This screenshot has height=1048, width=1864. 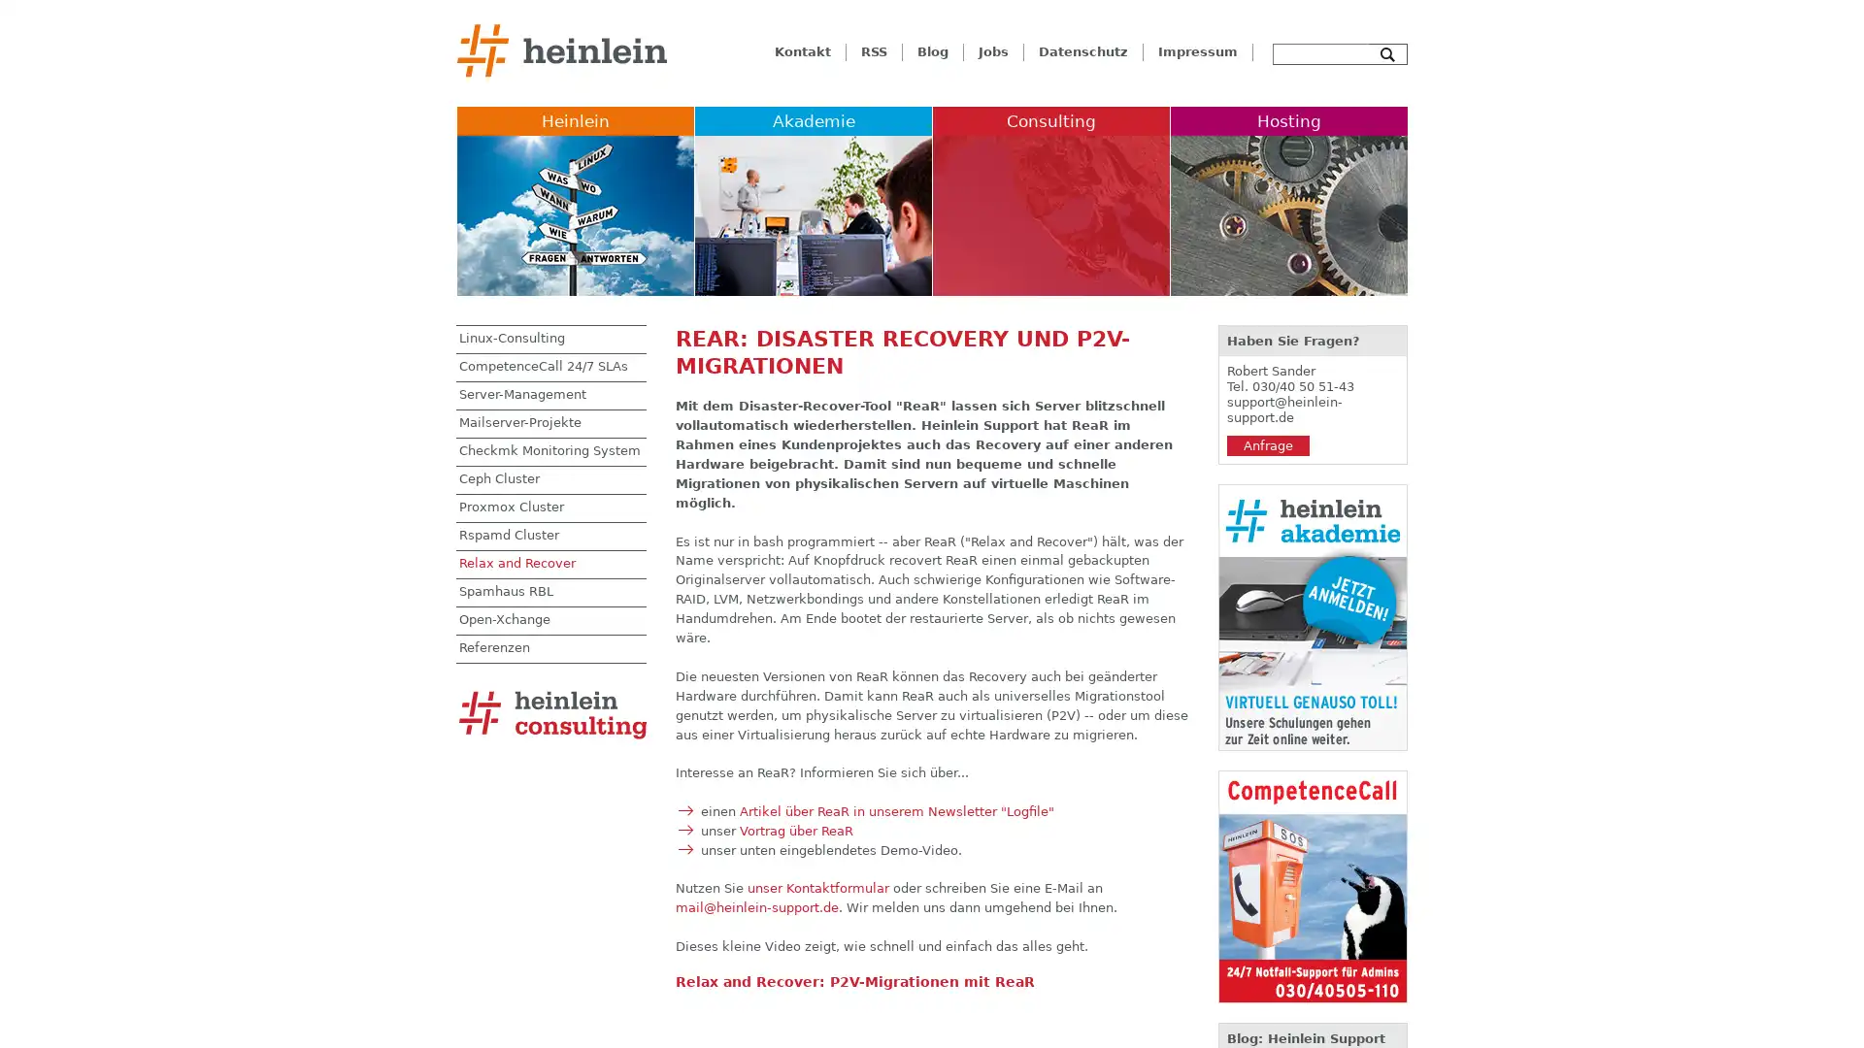 I want to click on Suche, so click(x=1387, y=53).